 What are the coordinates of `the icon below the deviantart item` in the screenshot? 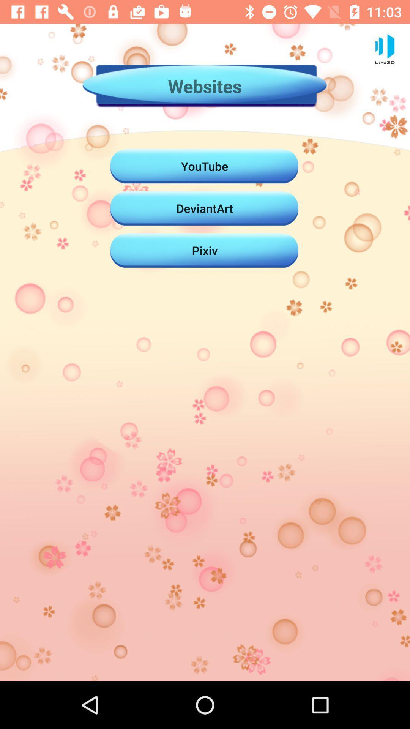 It's located at (204, 250).